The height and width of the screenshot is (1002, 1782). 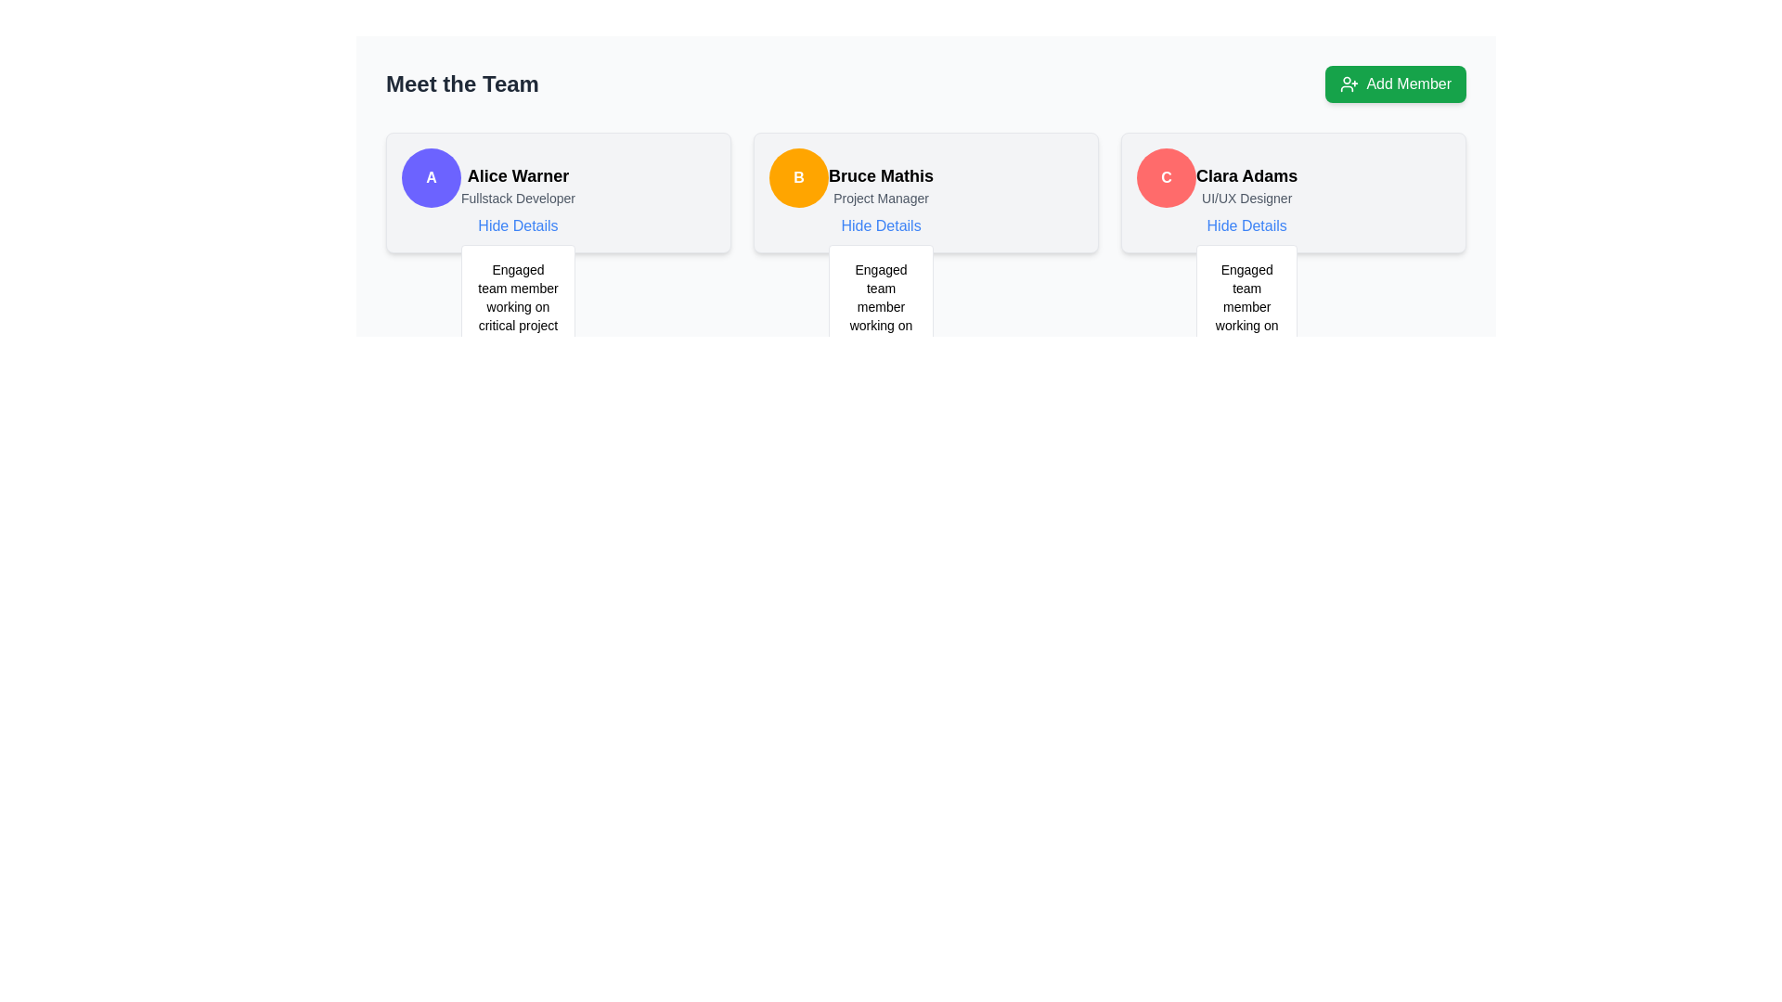 I want to click on the Avatar placeholder icon with the letter 'B' on an orange background, associated with Bruce Mathis, if interaction is enabled, so click(x=798, y=178).